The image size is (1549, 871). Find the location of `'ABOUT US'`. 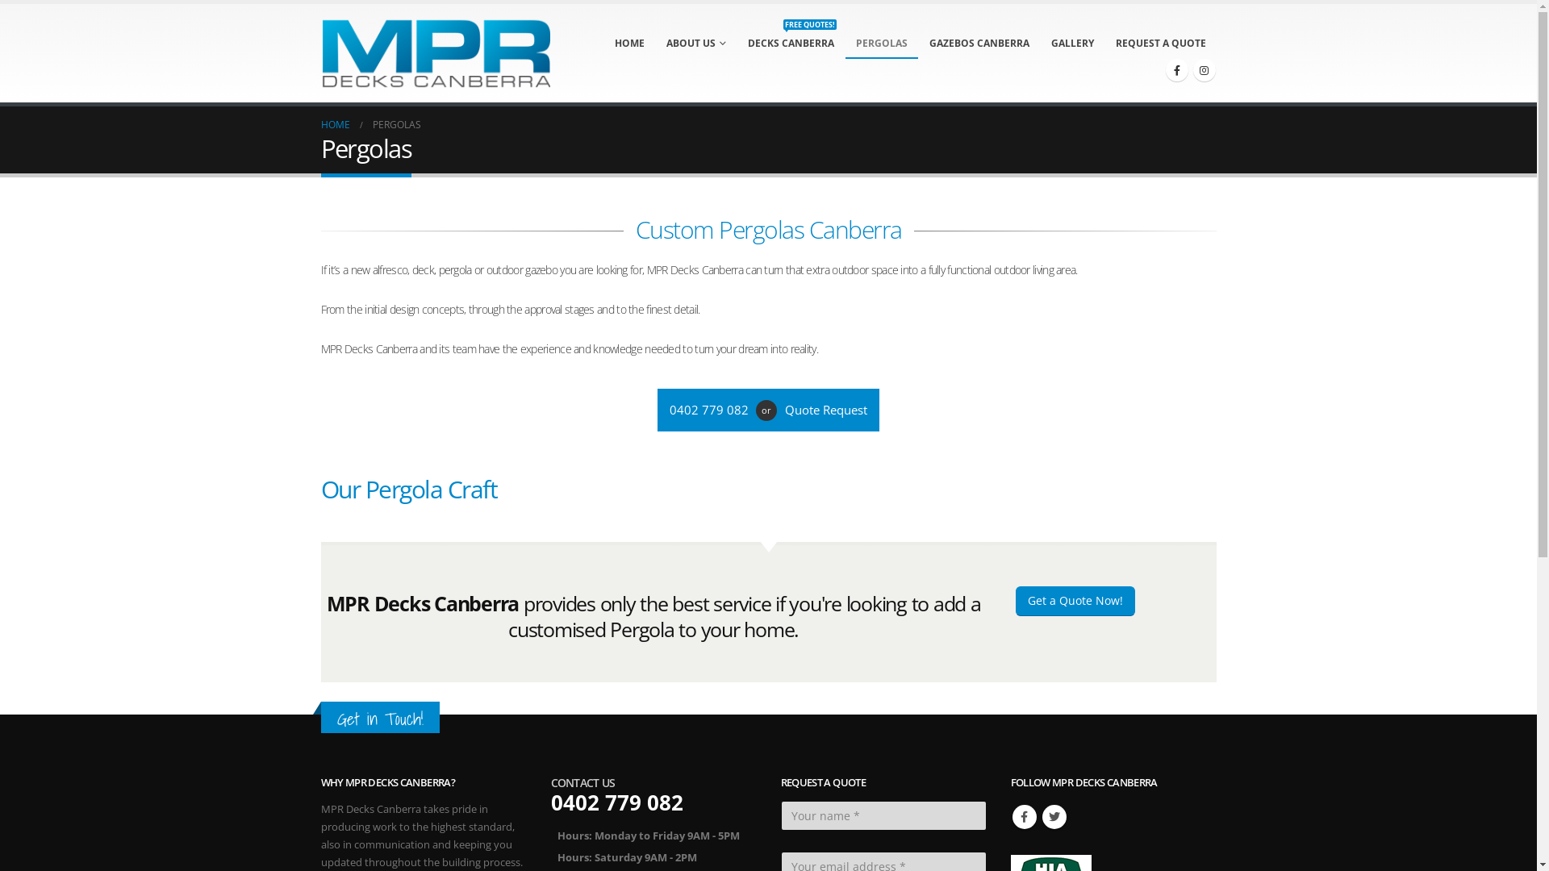

'ABOUT US' is located at coordinates (695, 42).